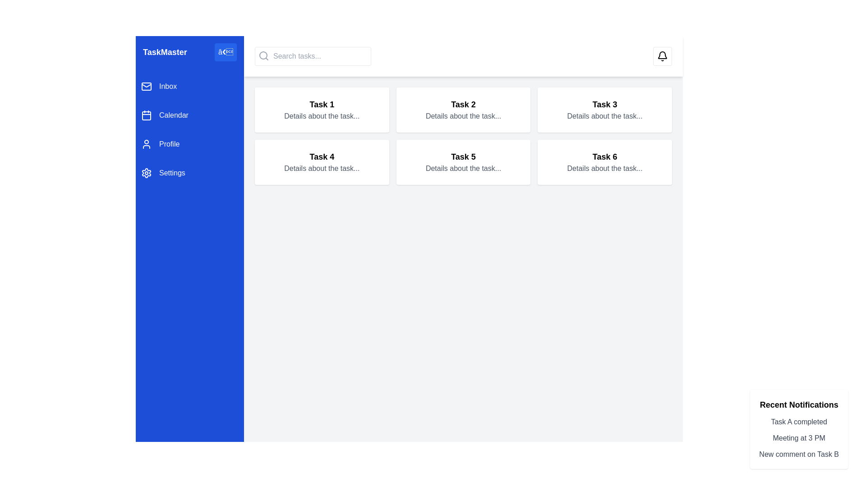 The width and height of the screenshot is (866, 487). Describe the element at coordinates (322, 116) in the screenshot. I see `the text UI element displaying 'Details about the task...' which is styled in light gray and positioned below the bold text 'Task 1' in the upper-left corner of the grid layout` at that location.